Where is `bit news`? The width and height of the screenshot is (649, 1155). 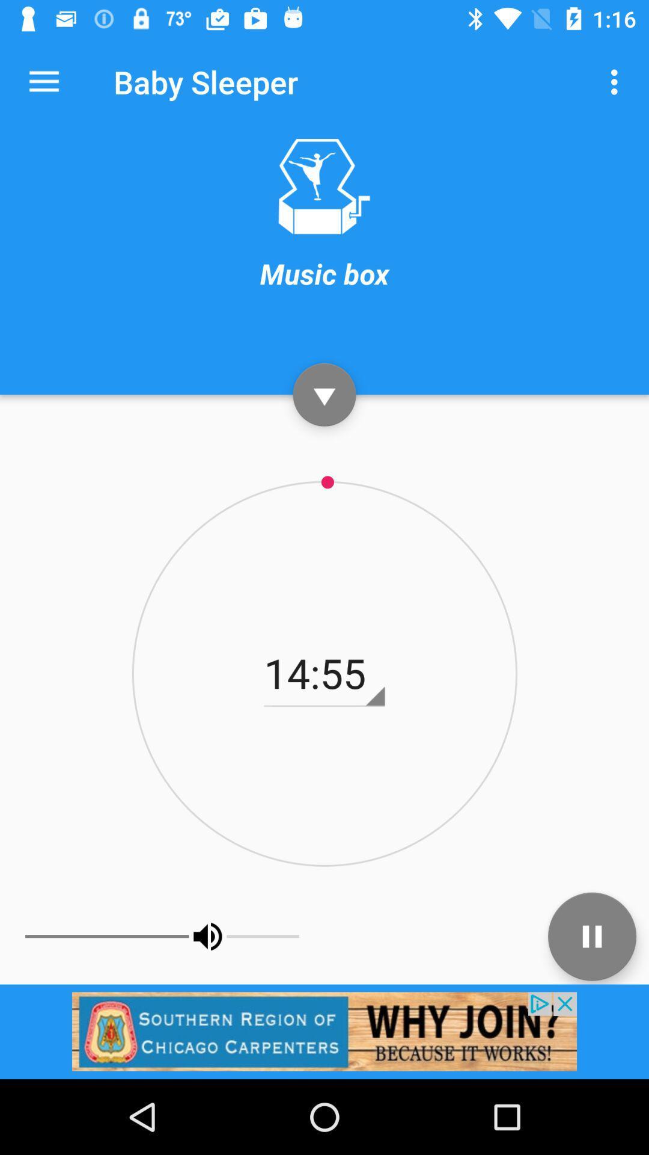 bit news is located at coordinates (324, 1030).